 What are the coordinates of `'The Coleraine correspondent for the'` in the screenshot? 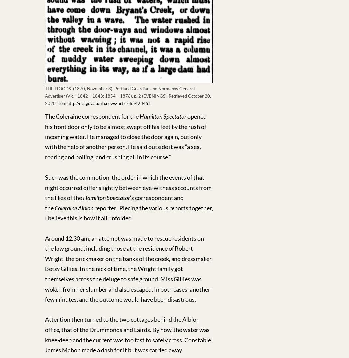 It's located at (45, 116).